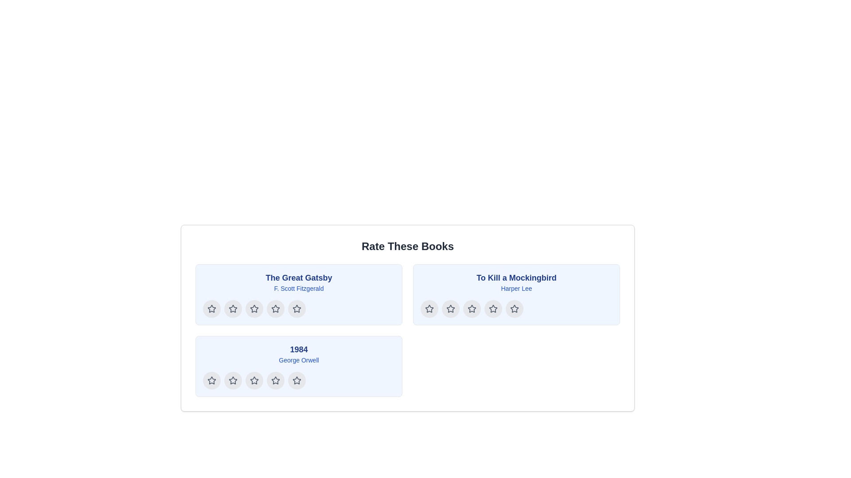 The height and width of the screenshot is (478, 851). What do you see at coordinates (297, 380) in the screenshot?
I see `the second-to-last star-shaped icon in the rating row for the book '1984' by George Orwell` at bounding box center [297, 380].